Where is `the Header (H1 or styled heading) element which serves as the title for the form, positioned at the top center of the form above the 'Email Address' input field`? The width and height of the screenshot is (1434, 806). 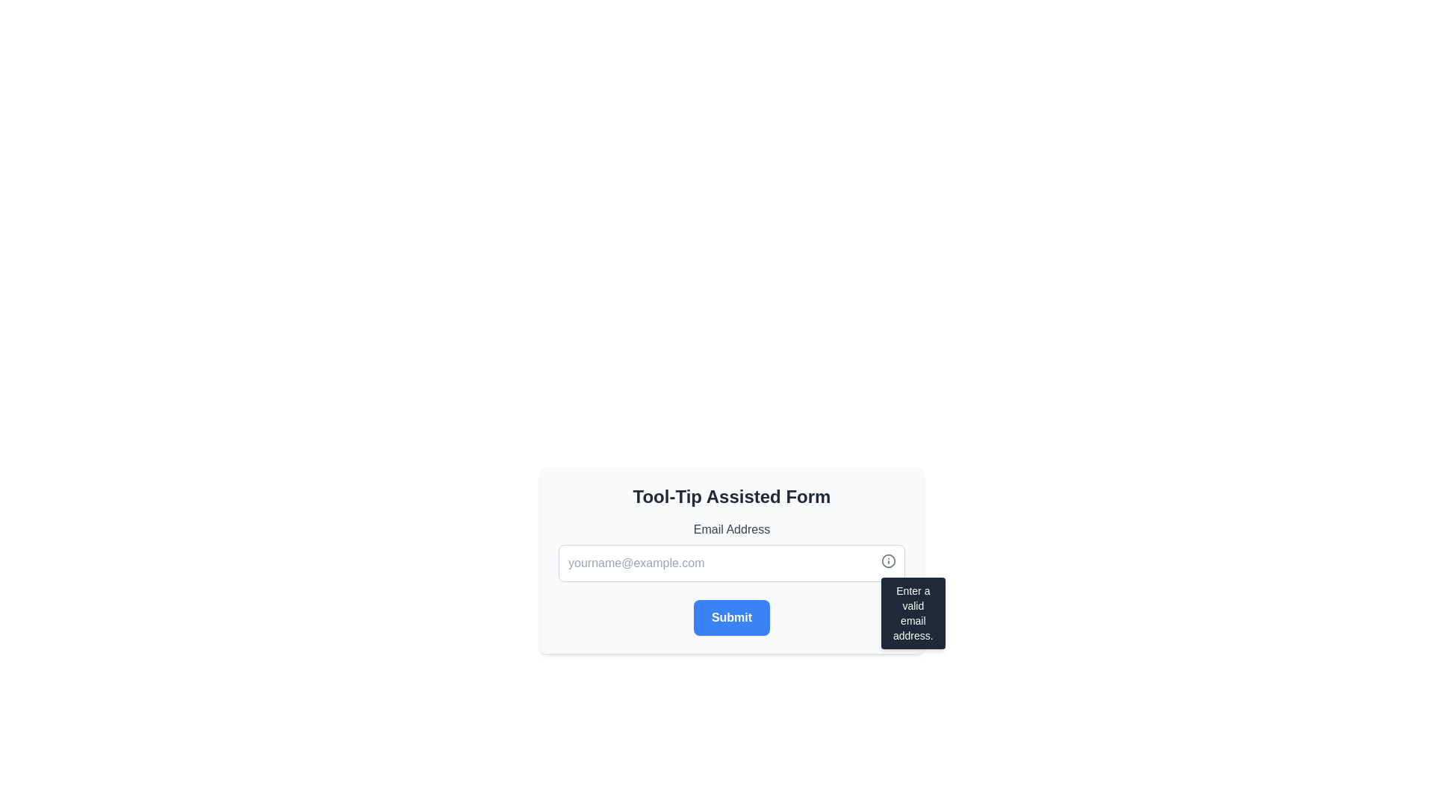 the Header (H1 or styled heading) element which serves as the title for the form, positioned at the top center of the form above the 'Email Address' input field is located at coordinates (731, 497).